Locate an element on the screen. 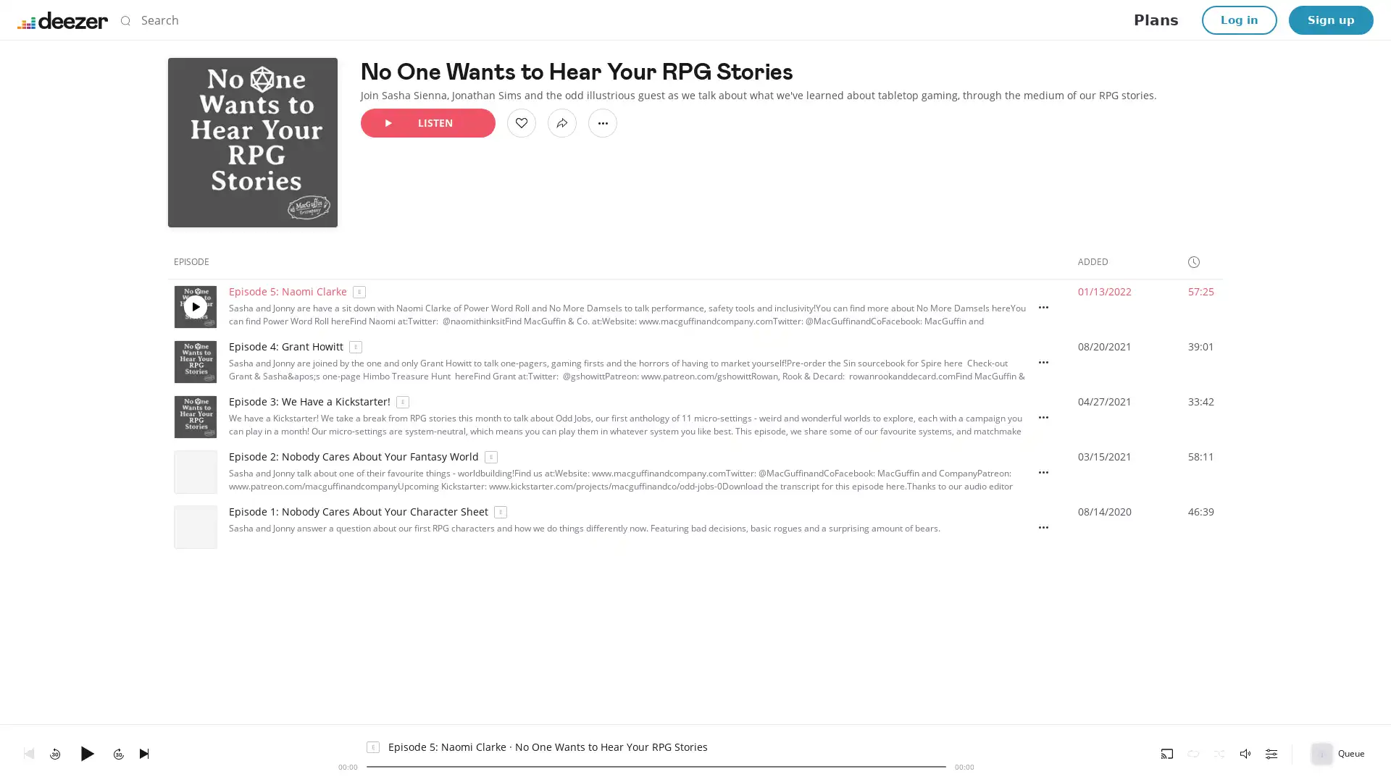 This screenshot has height=782, width=1391. Back is located at coordinates (28, 752).